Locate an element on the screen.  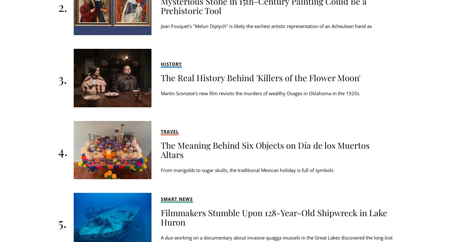
'4.' is located at coordinates (62, 150).